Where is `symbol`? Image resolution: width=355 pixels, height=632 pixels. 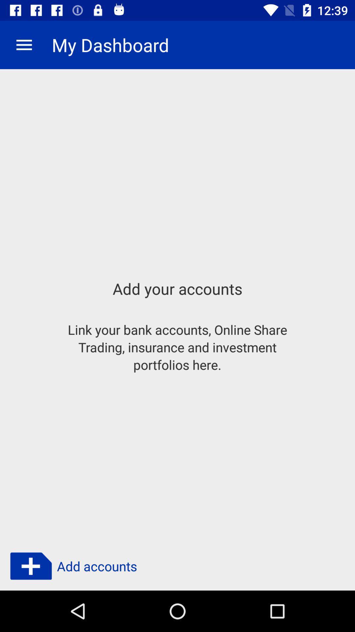 symbol is located at coordinates (31, 566).